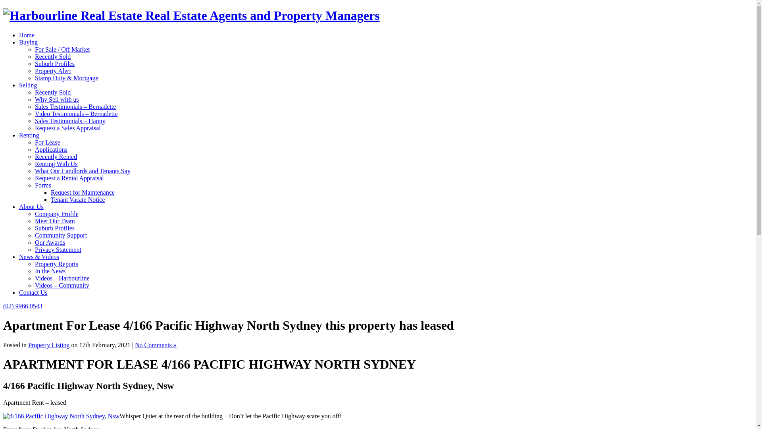 The width and height of the screenshot is (762, 429). Describe the element at coordinates (56, 163) in the screenshot. I see `'Renting With Us'` at that location.